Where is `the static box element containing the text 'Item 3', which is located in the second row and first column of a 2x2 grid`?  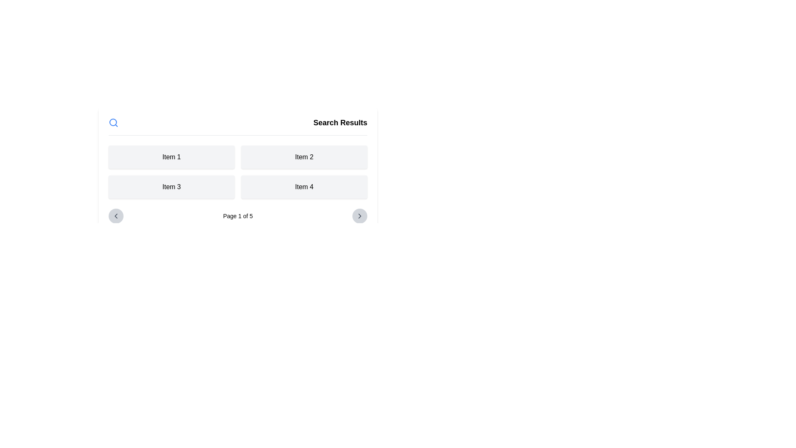
the static box element containing the text 'Item 3', which is located in the second row and first column of a 2x2 grid is located at coordinates (171, 187).